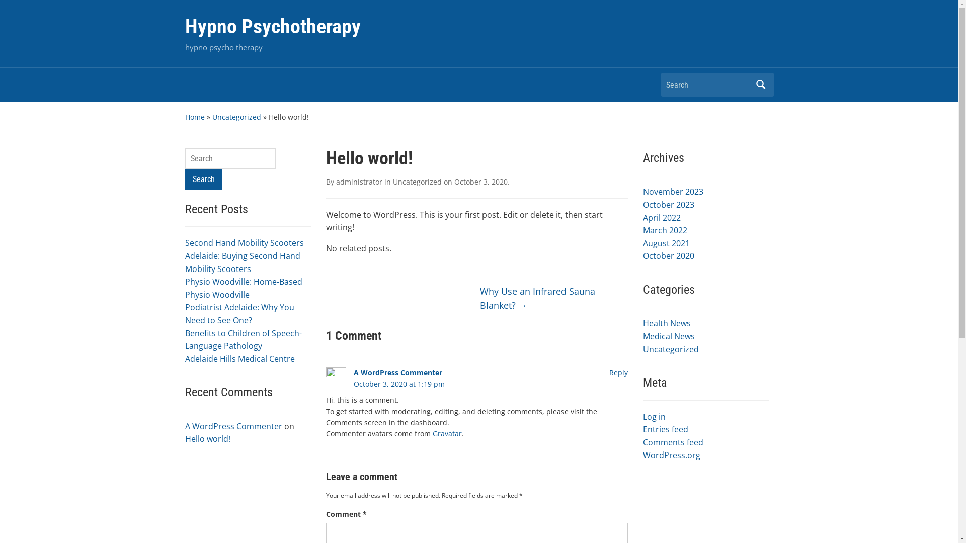  Describe the element at coordinates (666, 429) in the screenshot. I see `'Entries feed'` at that location.